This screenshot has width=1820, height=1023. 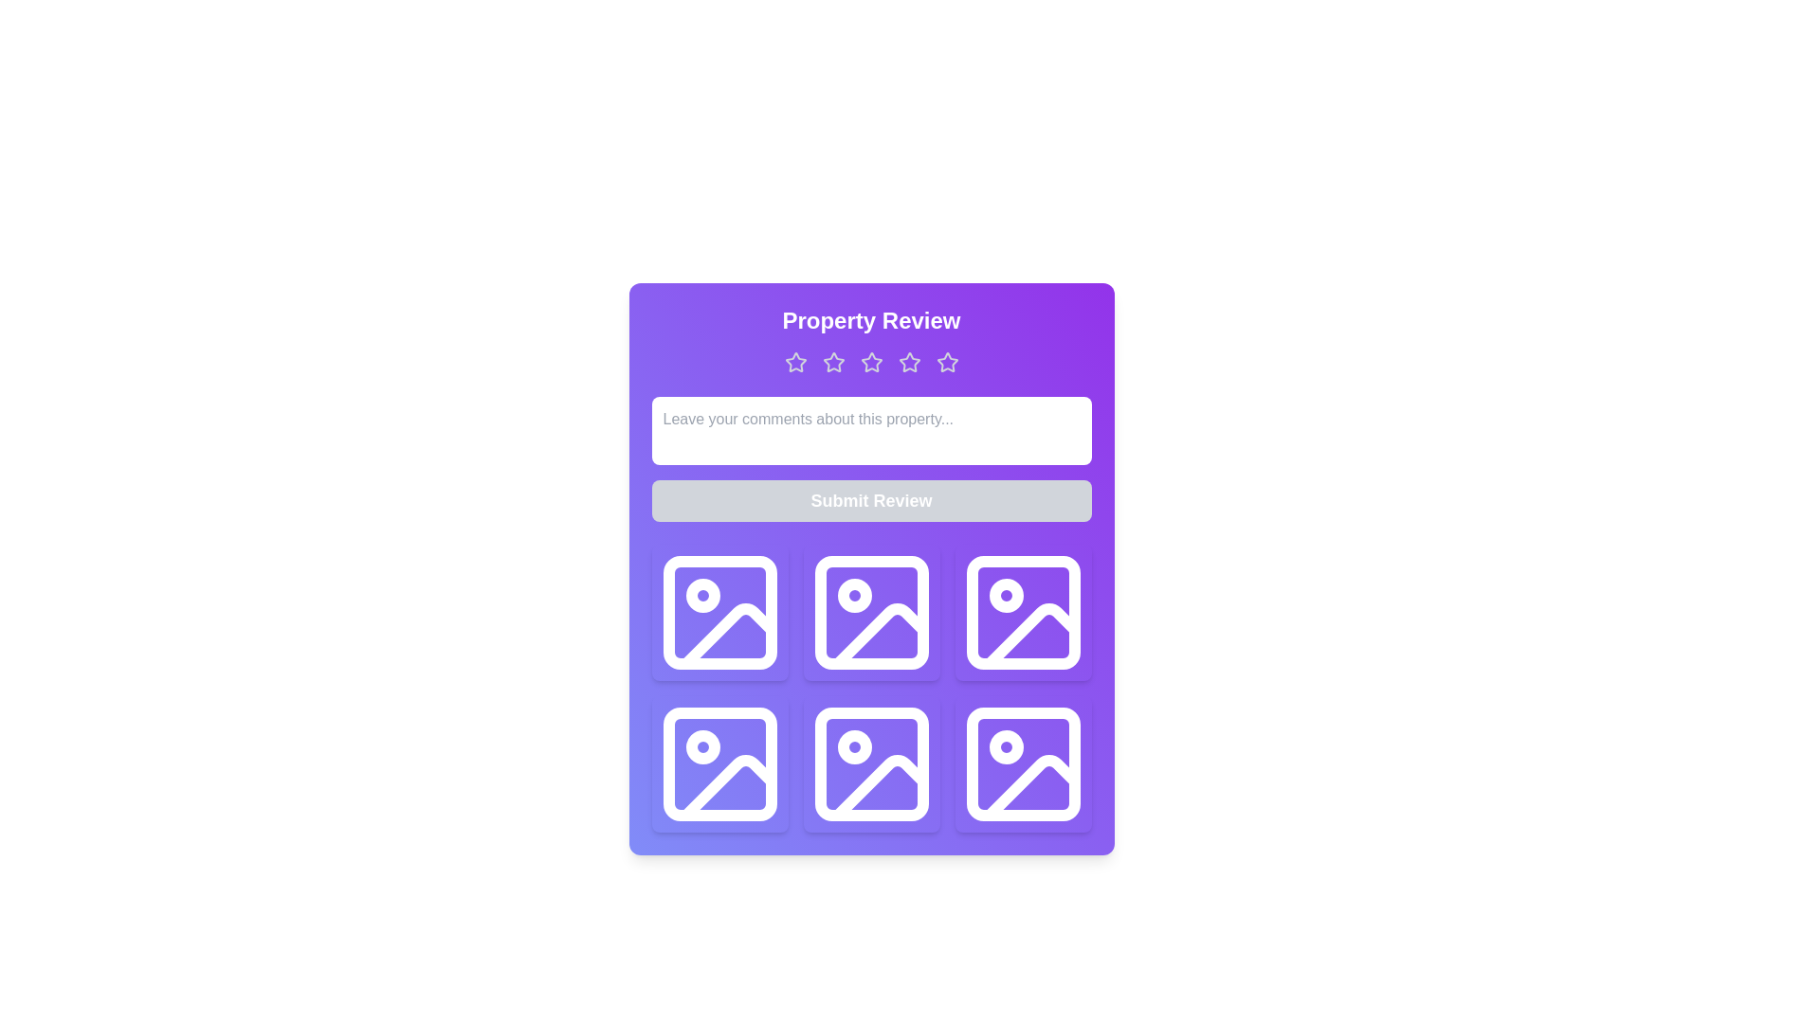 I want to click on the rating to 4 stars by clicking on the corresponding star, so click(x=908, y=362).